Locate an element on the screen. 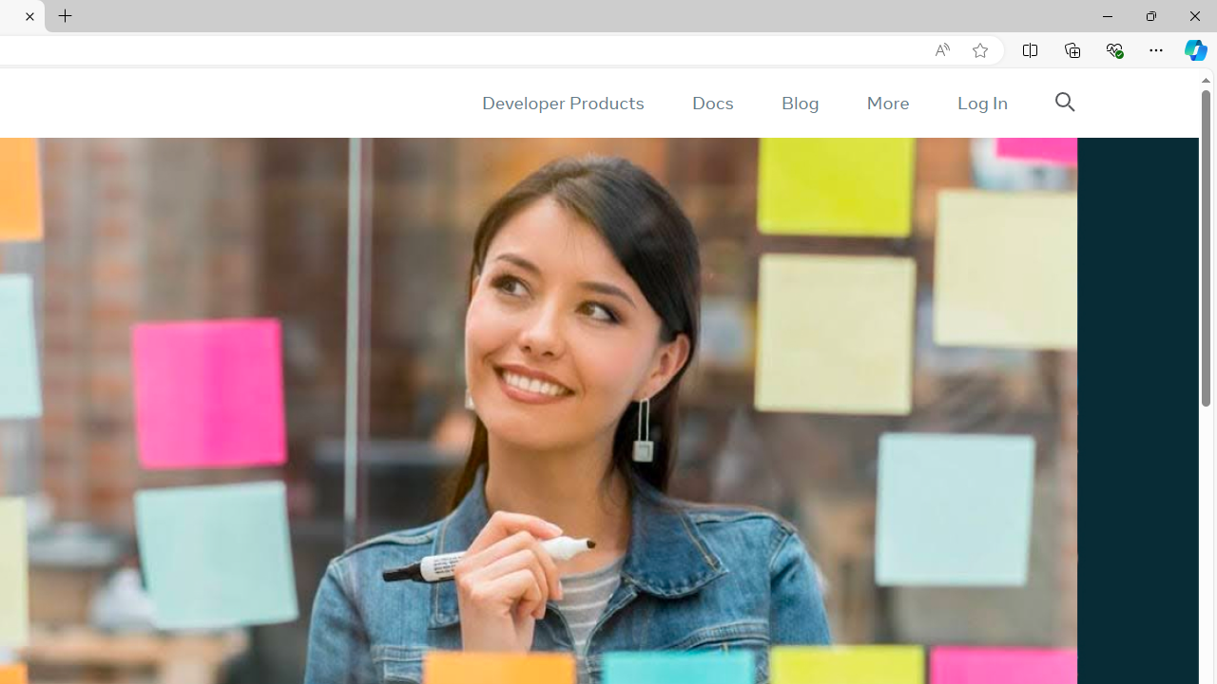 The width and height of the screenshot is (1217, 684). 'Developer Products' is located at coordinates (562, 103).